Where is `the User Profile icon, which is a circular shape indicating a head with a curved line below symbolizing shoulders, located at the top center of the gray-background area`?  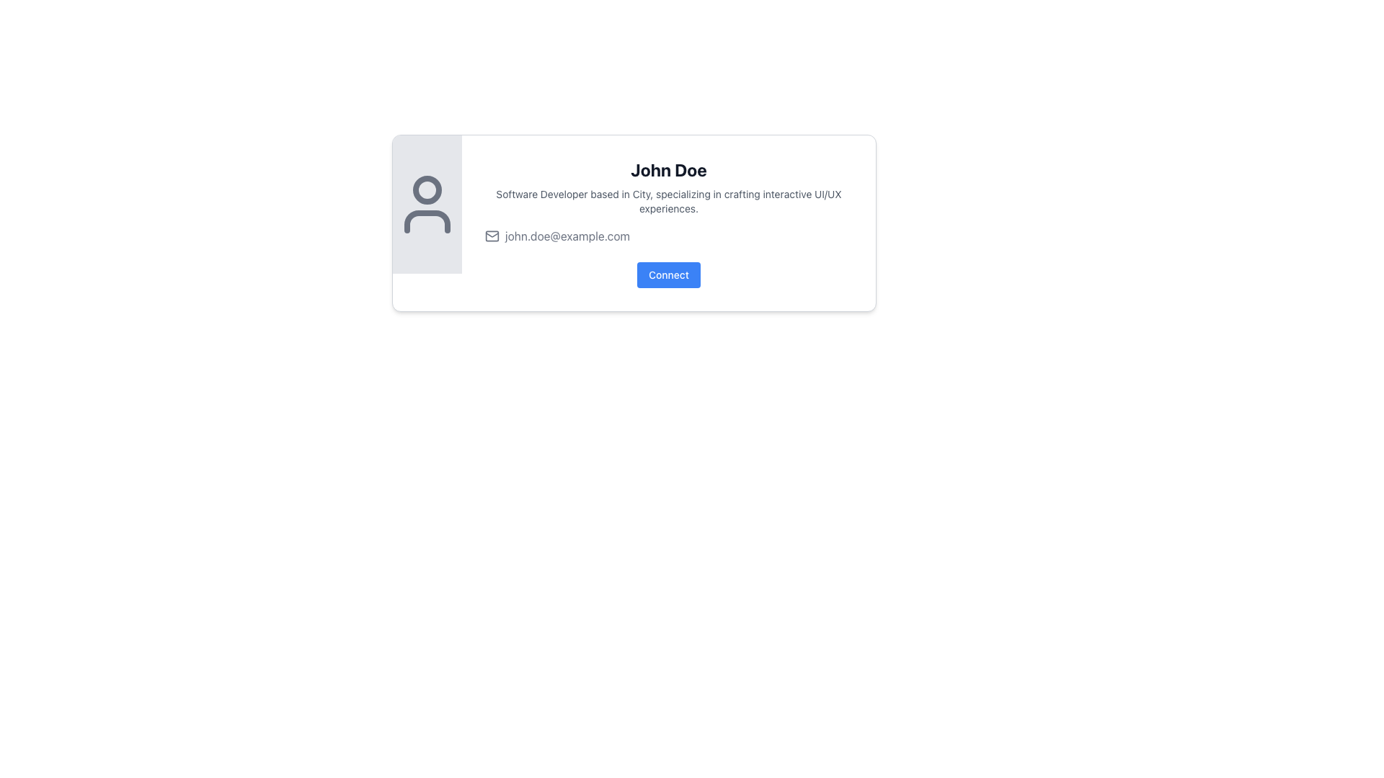
the User Profile icon, which is a circular shape indicating a head with a curved line below symbolizing shoulders, located at the top center of the gray-background area is located at coordinates (427, 205).